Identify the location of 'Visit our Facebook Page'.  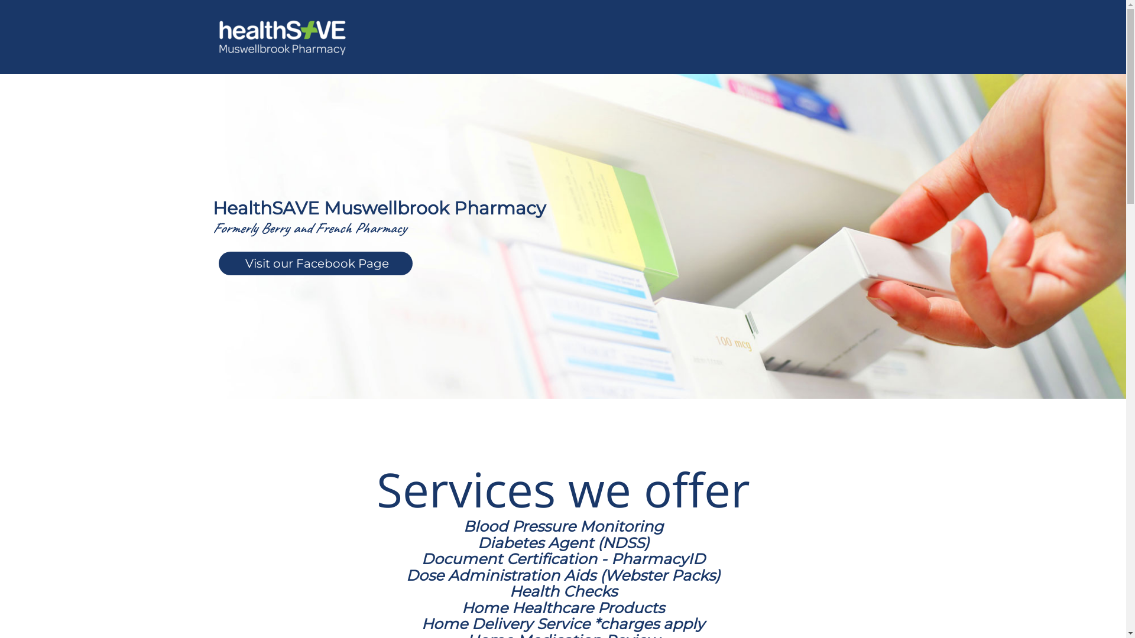
(315, 263).